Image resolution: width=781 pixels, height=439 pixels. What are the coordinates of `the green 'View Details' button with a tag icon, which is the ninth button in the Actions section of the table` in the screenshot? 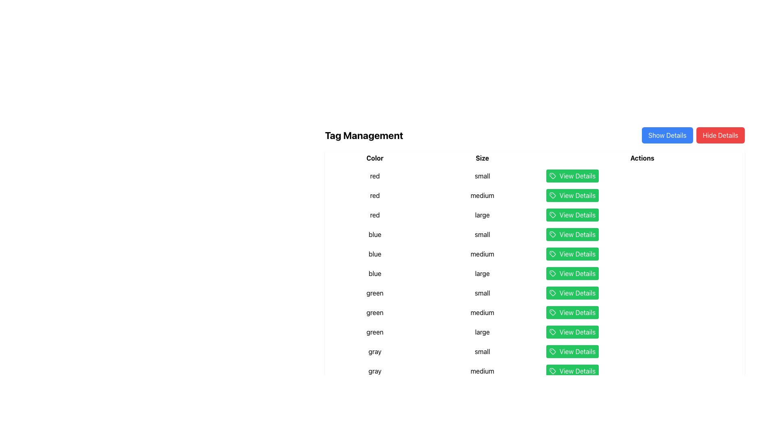 It's located at (572, 332).